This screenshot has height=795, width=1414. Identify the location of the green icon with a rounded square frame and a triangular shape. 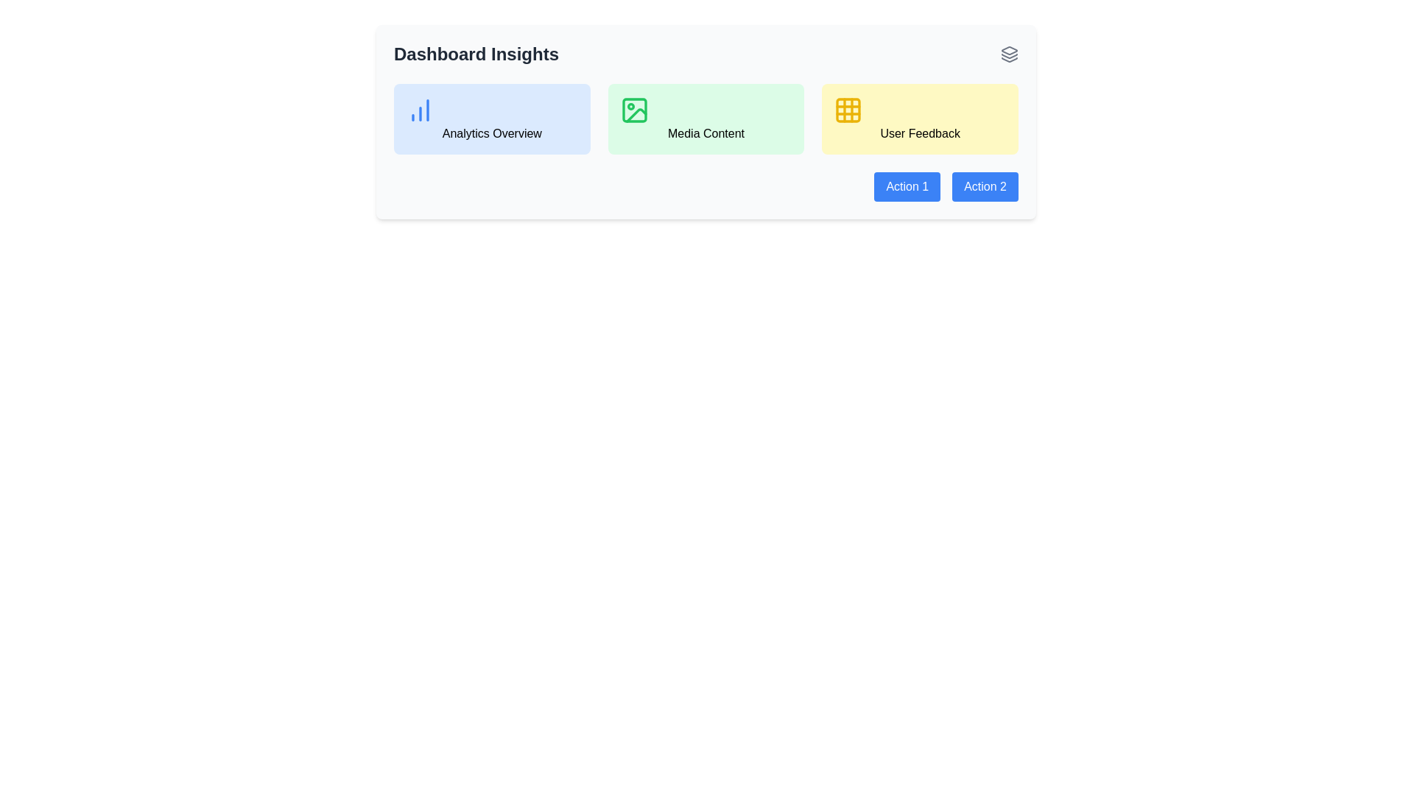
(634, 110).